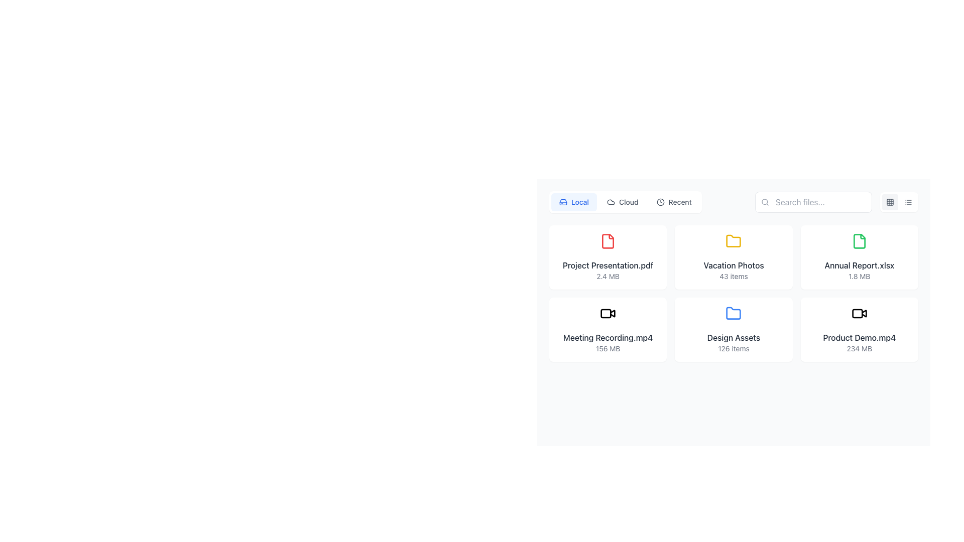 The image size is (964, 542). I want to click on to select the folder representation component labeled 'Vacation Photos' with a yellow folder icon located in the second column of the first row, so click(734, 257).